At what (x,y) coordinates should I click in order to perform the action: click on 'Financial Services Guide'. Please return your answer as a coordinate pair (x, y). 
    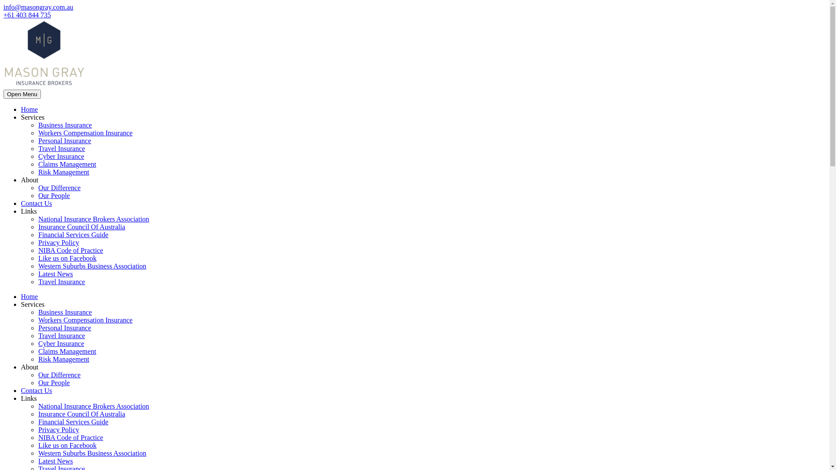
    Looking at the image, I should click on (73, 421).